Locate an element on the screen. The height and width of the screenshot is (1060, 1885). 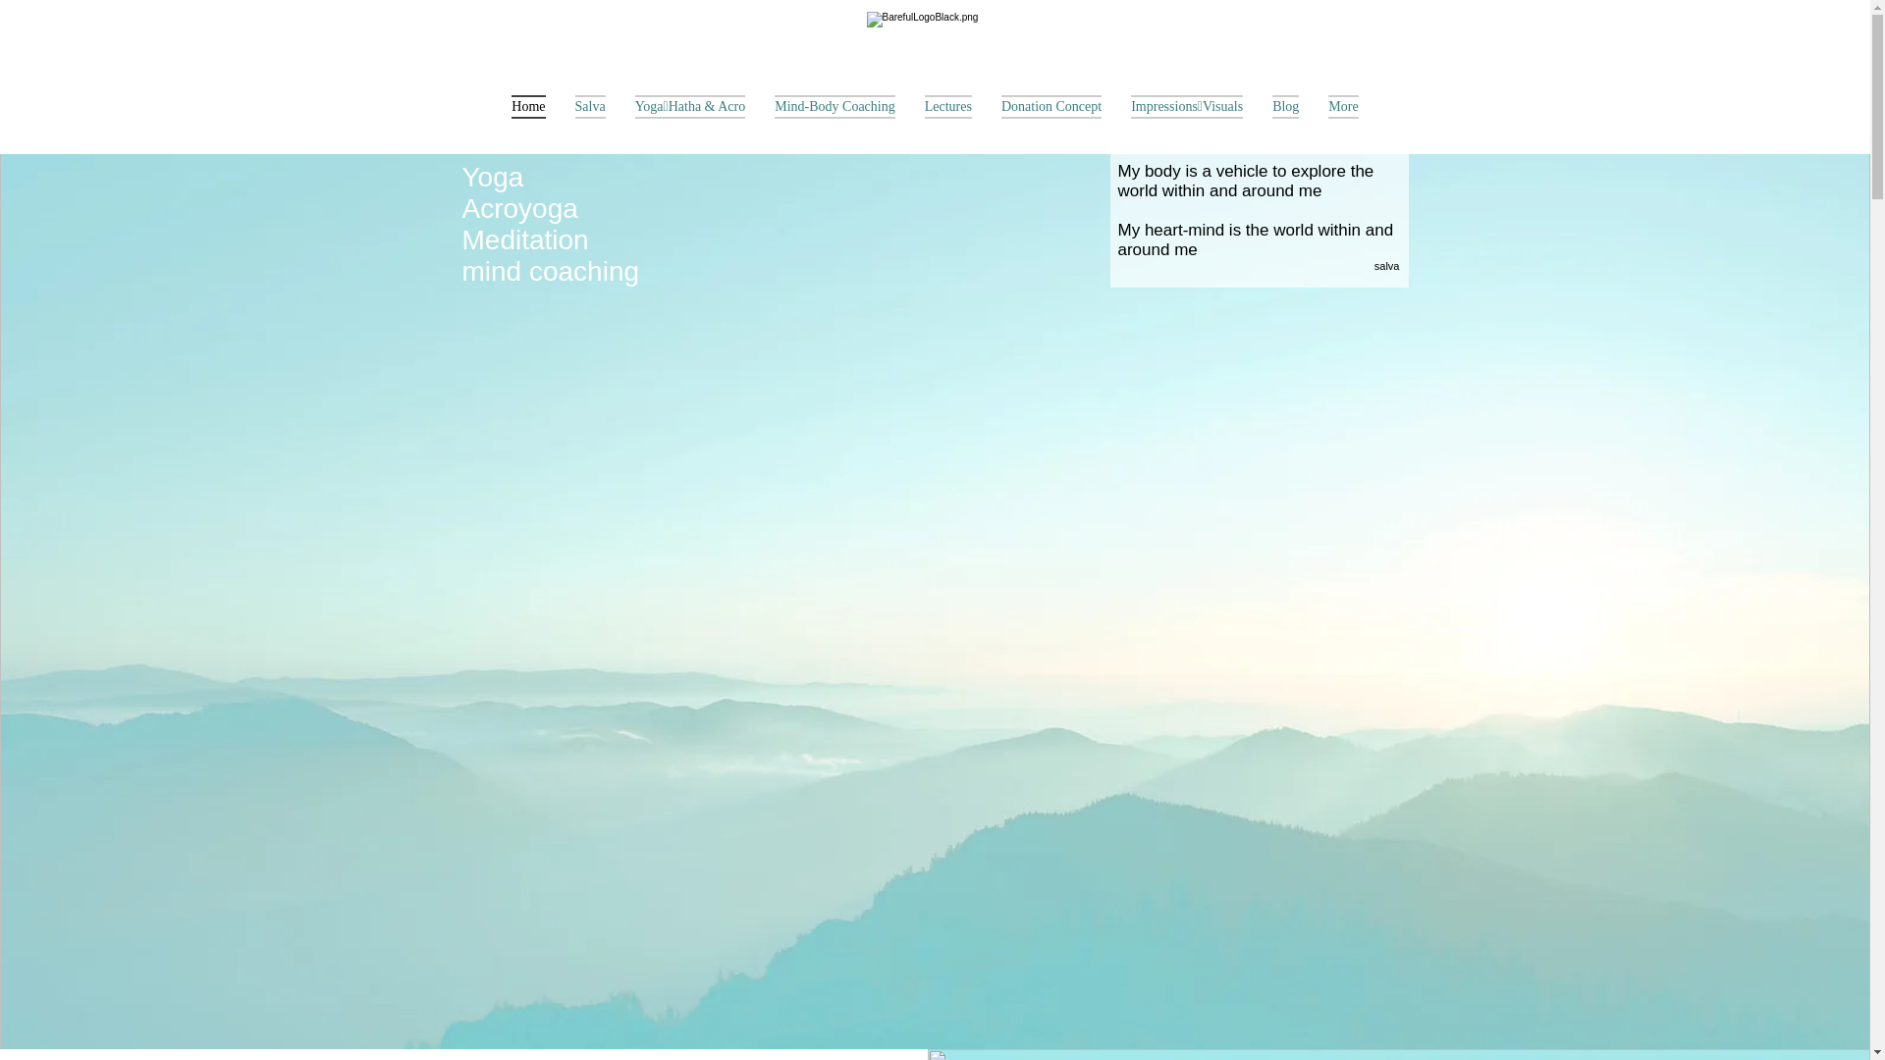
'Donation Concept' is located at coordinates (1050, 120).